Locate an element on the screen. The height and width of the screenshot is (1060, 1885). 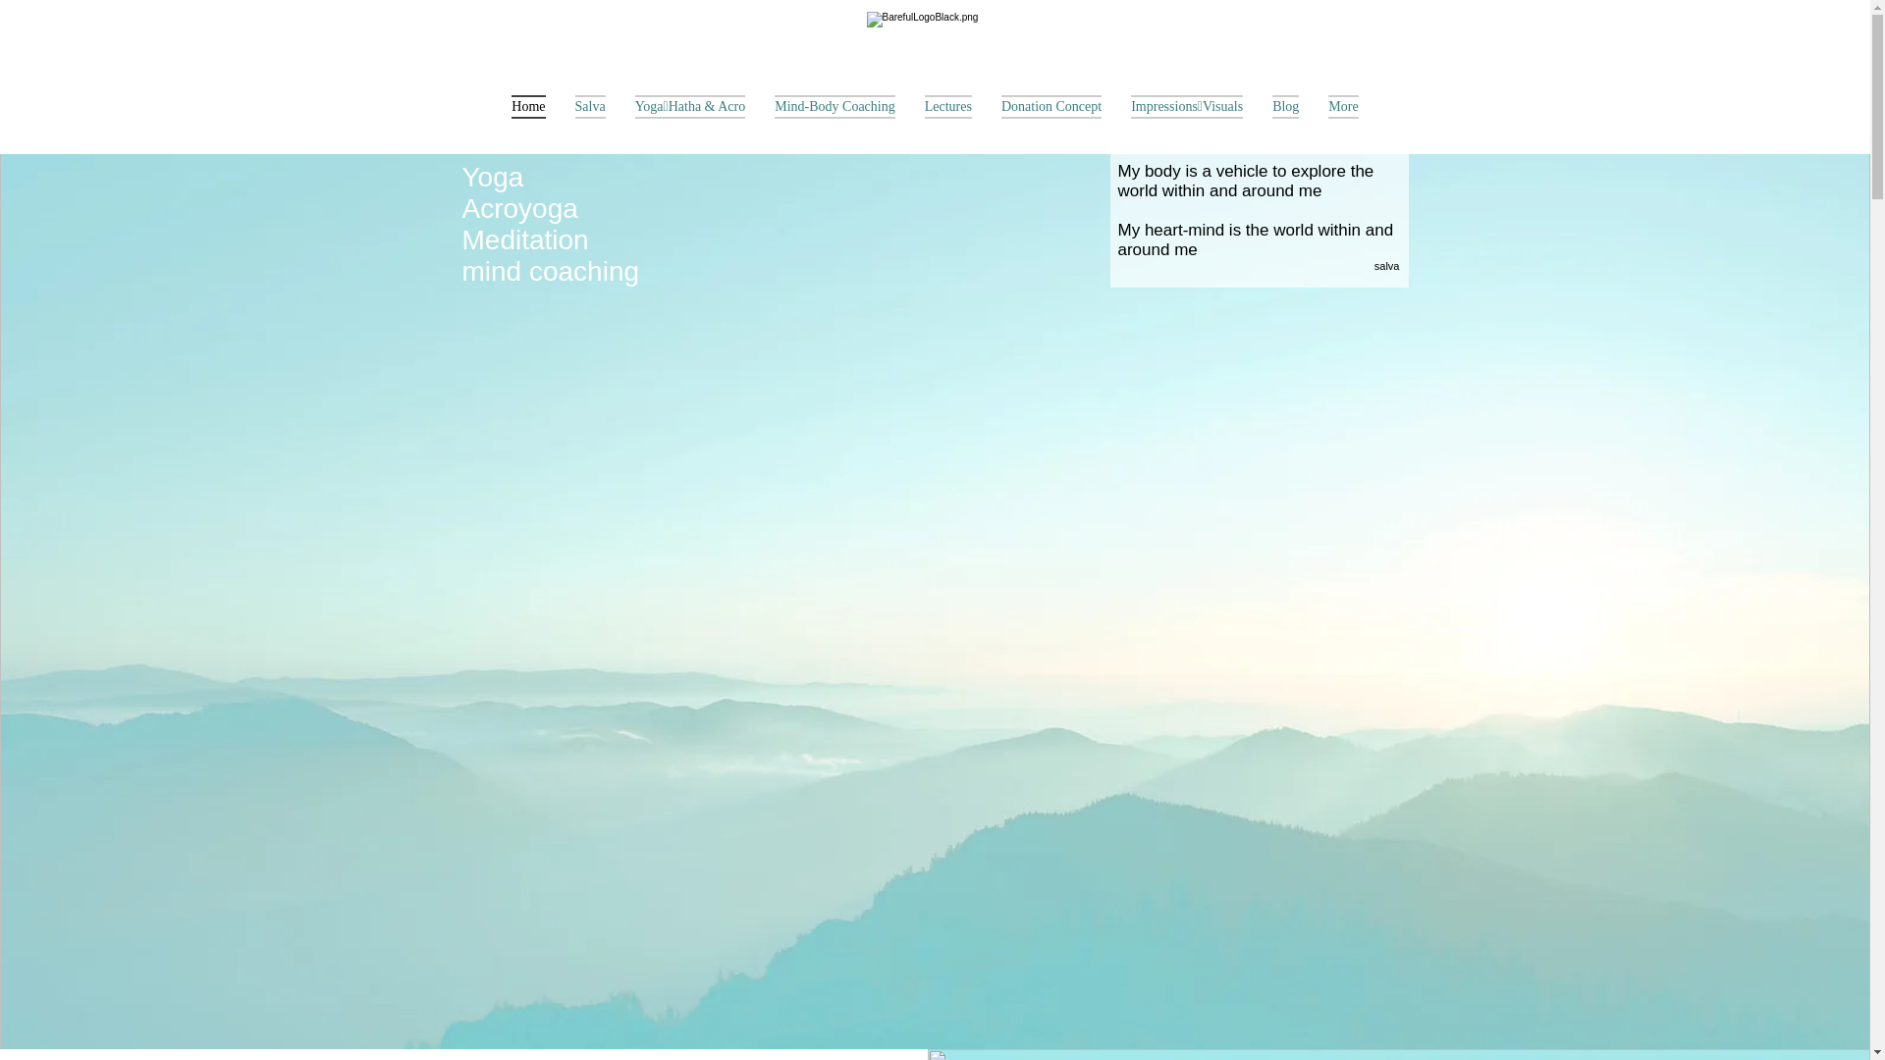
'Donation Concept' is located at coordinates (1050, 120).